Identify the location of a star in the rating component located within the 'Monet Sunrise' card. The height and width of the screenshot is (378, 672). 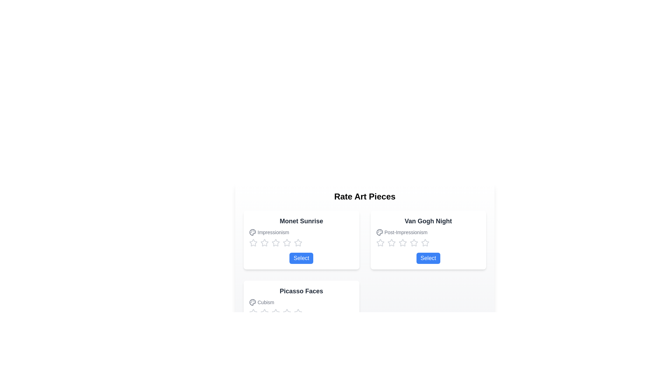
(301, 243).